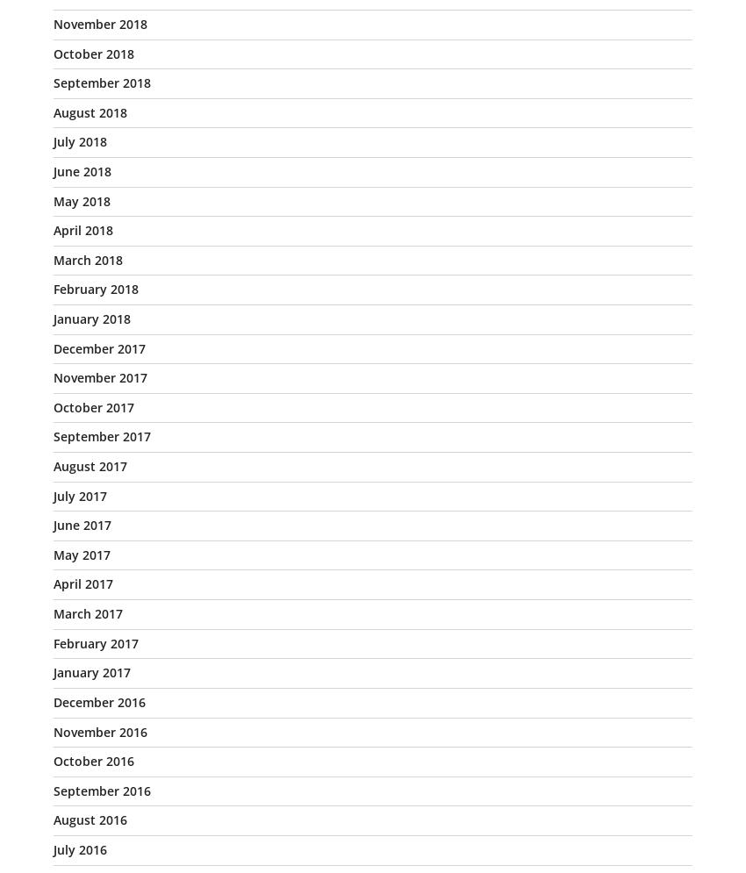 Image resolution: width=746 pixels, height=873 pixels. What do you see at coordinates (99, 376) in the screenshot?
I see `'November 2017'` at bounding box center [99, 376].